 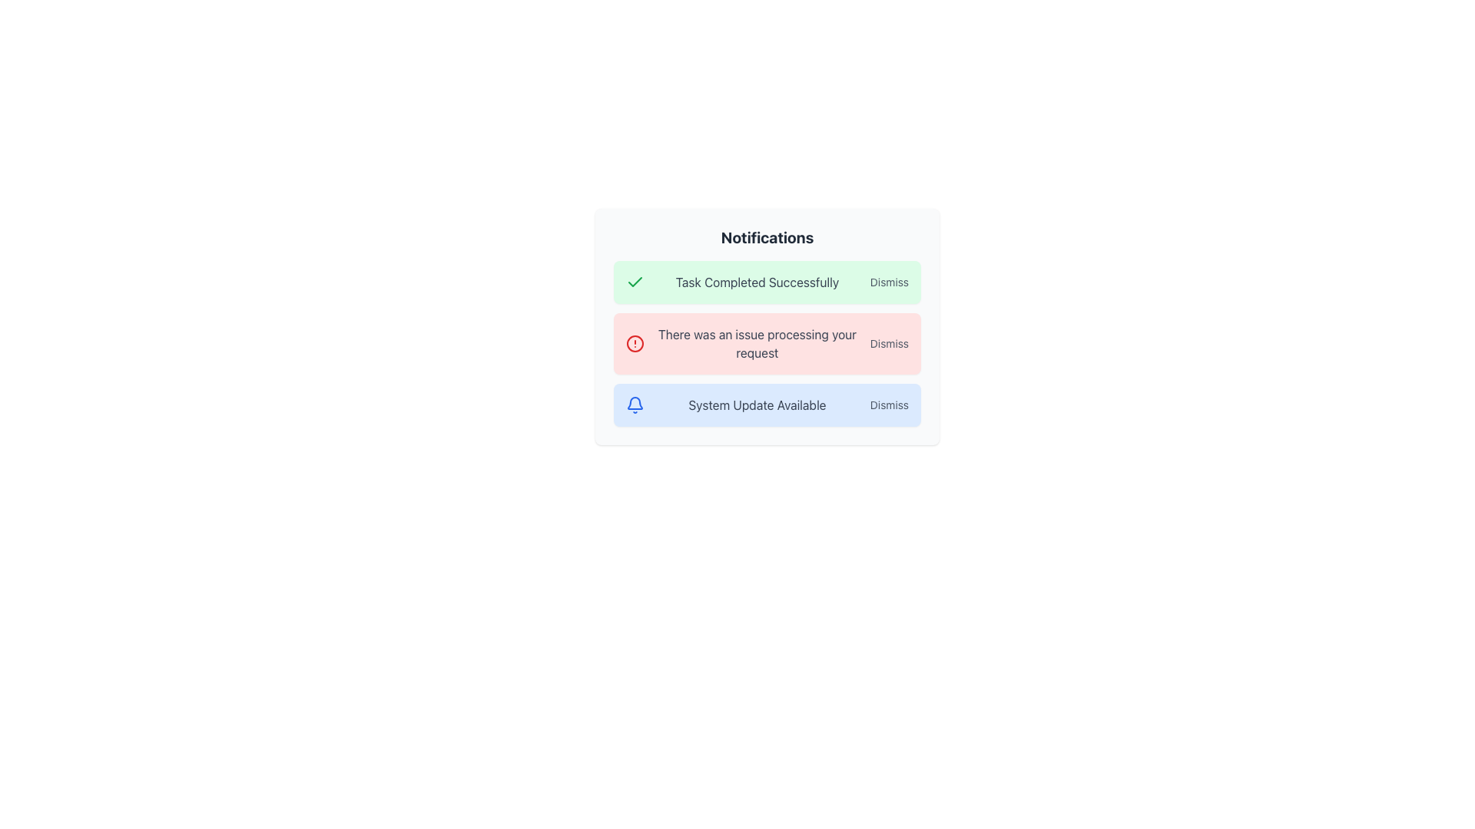 I want to click on the text link located at the far-right end of the notification row containing the message 'There was an issue processing your request' to change its color, so click(x=889, y=342).